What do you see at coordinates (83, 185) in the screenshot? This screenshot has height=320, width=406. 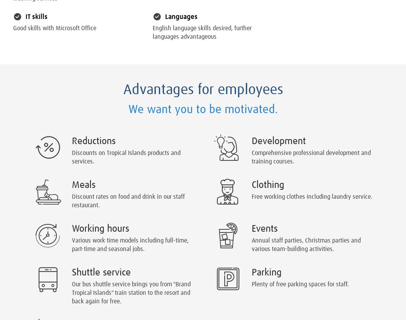 I see `'Meals'` at bounding box center [83, 185].